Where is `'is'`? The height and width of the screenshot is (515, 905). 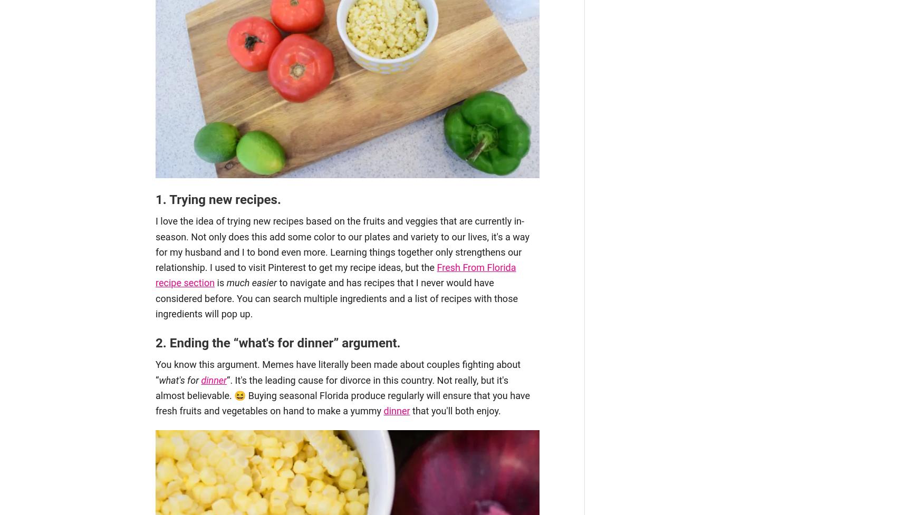
'is' is located at coordinates (220, 282).